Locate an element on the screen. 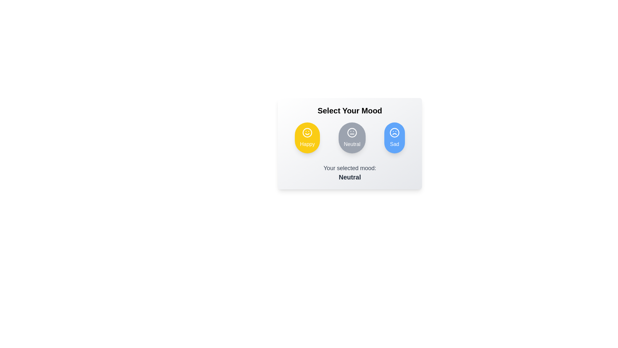 The image size is (618, 348). the yellow circular icon containing a happy face symbol, which is the first button in the row of mood selection buttons beneath the 'Select Your Mood' title is located at coordinates (307, 132).